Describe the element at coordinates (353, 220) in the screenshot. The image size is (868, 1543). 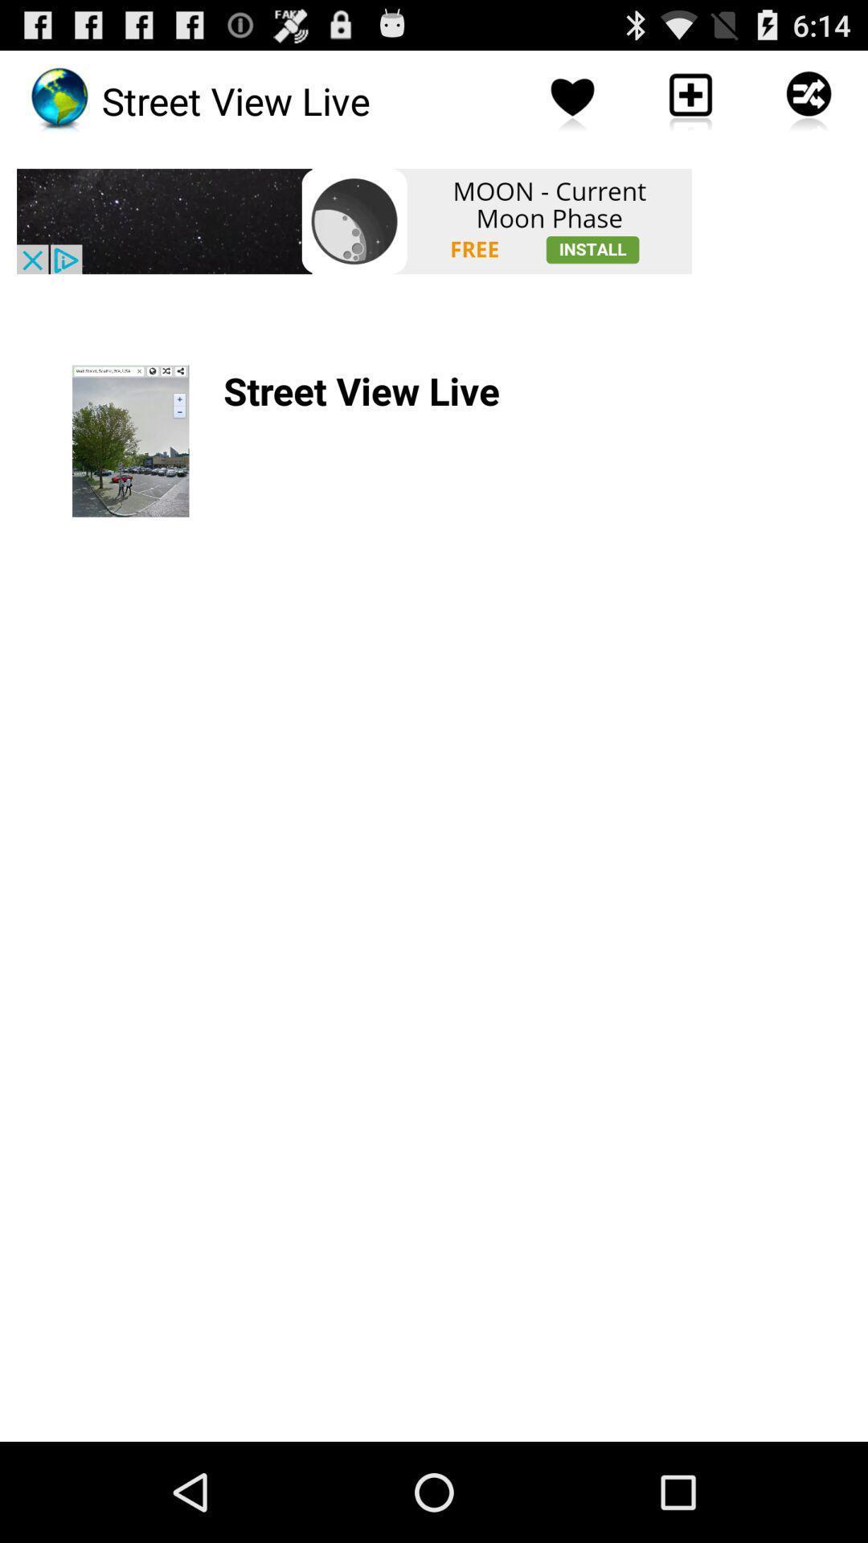
I see `launch advertisement` at that location.